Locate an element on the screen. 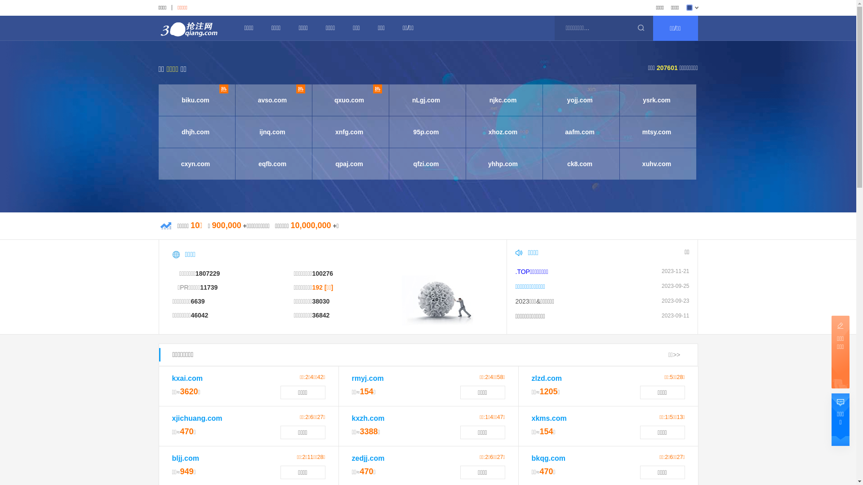 The height and width of the screenshot is (485, 863). 'qxuo.com' is located at coordinates (348, 100).